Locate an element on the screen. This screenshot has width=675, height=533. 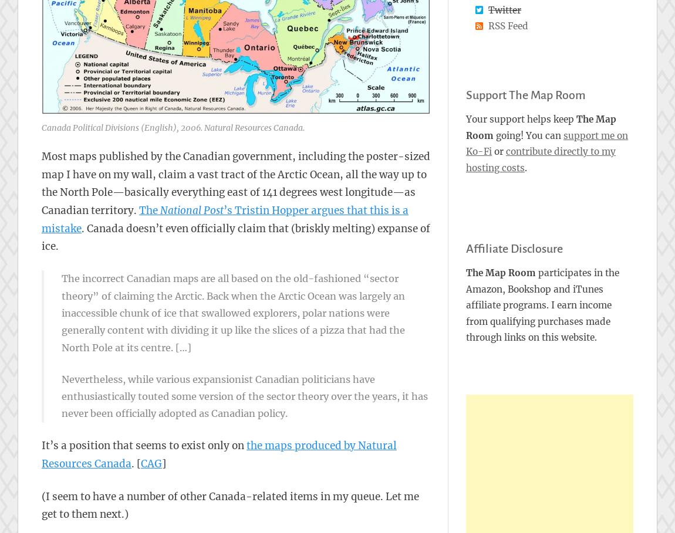
'(I seem to have a number of other Canada-related items in my queue. Let me get to them next.)' is located at coordinates (230, 504).